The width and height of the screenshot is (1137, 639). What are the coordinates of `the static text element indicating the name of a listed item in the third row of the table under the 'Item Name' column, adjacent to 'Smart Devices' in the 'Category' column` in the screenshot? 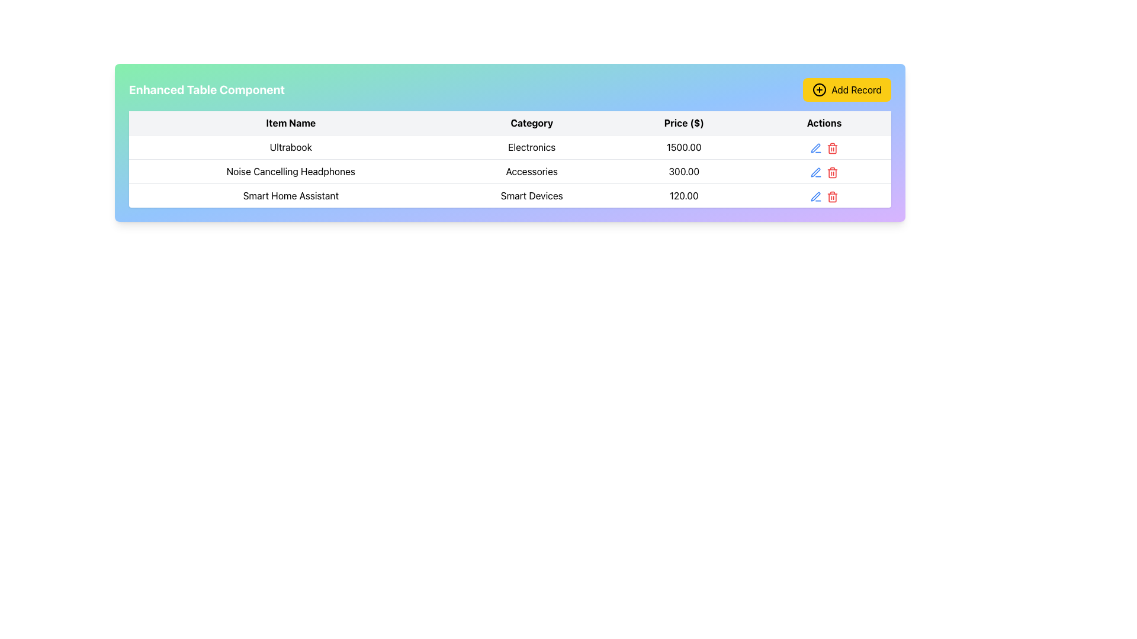 It's located at (291, 195).